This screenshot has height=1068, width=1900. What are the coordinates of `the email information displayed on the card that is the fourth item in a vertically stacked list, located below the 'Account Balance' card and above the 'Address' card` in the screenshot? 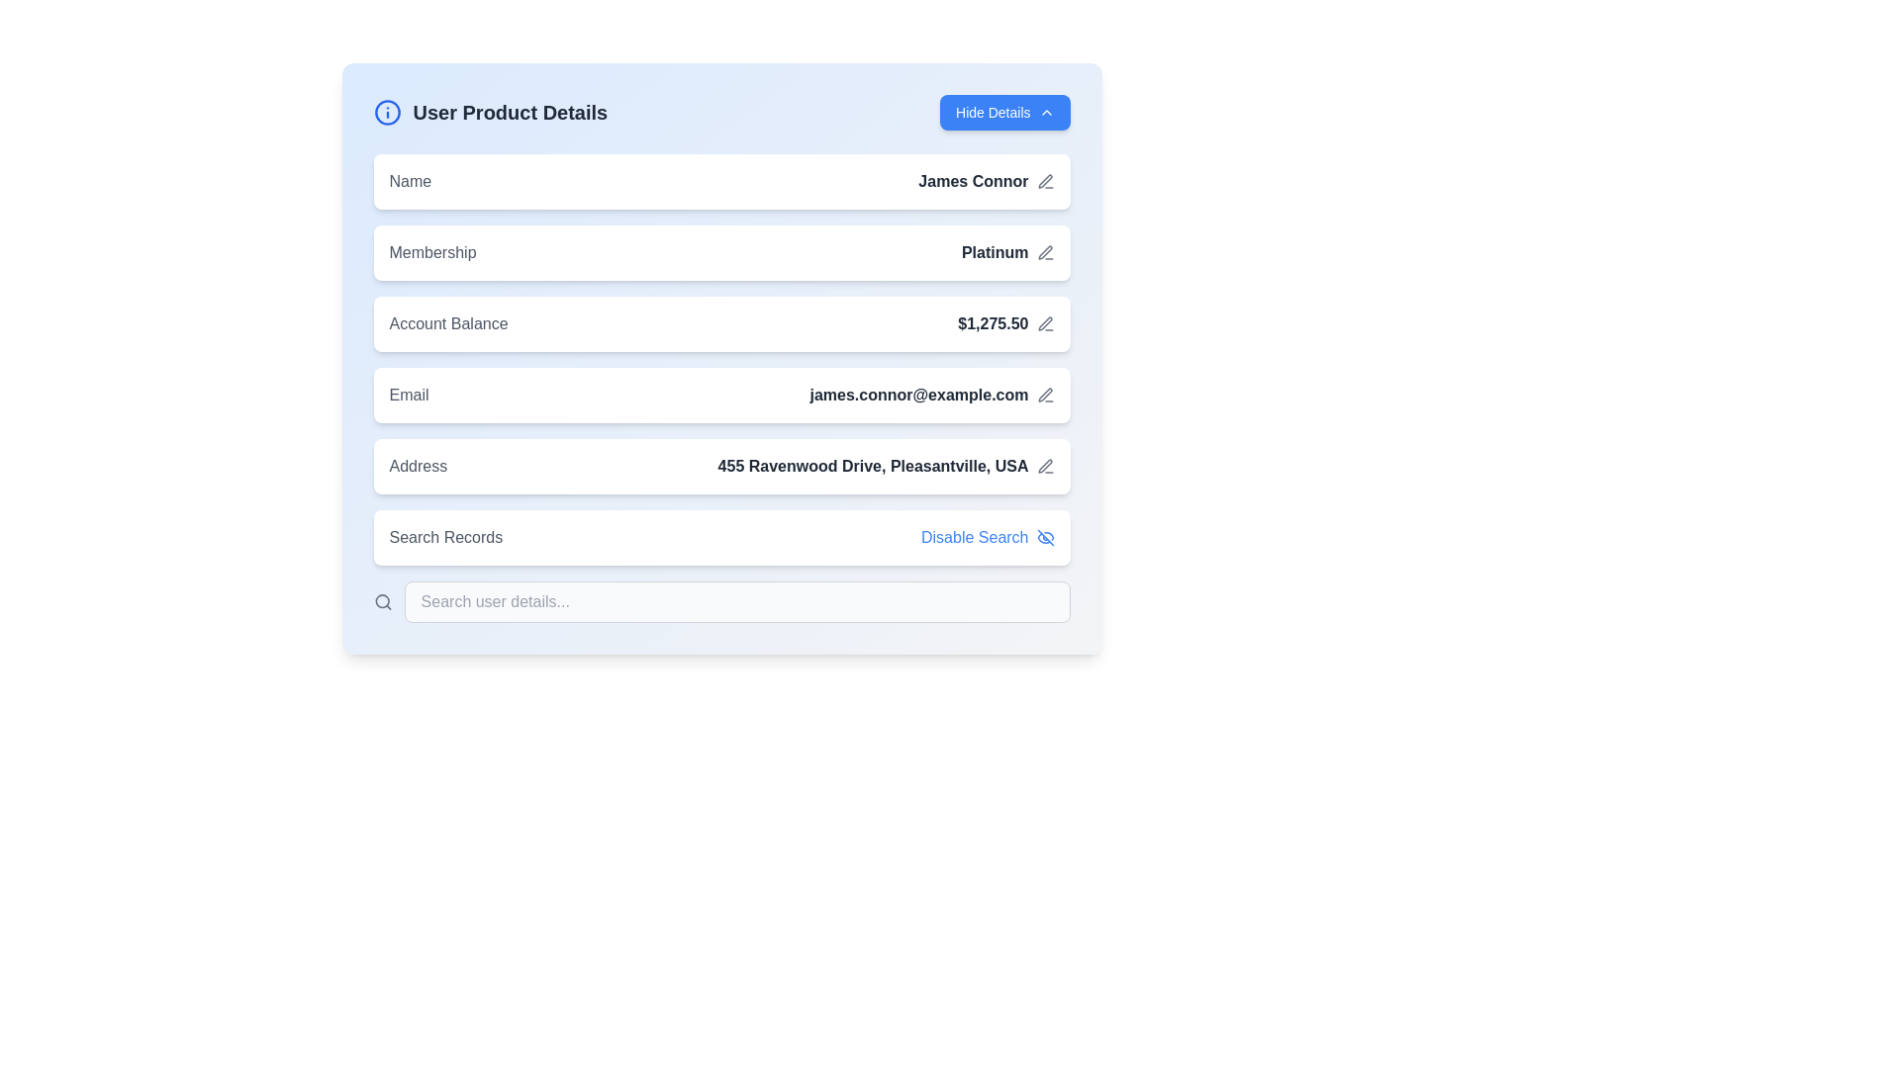 It's located at (720, 396).